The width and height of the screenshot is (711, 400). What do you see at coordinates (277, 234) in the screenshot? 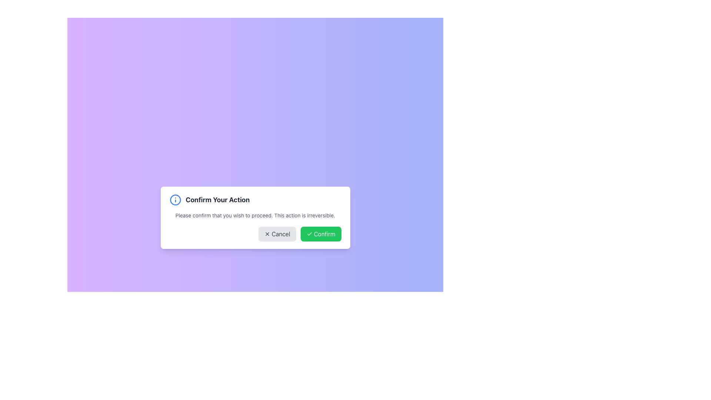
I see `the leftmost button labeled 'Cancel' with a light gray background and an 'X' icon to change its background color` at bounding box center [277, 234].